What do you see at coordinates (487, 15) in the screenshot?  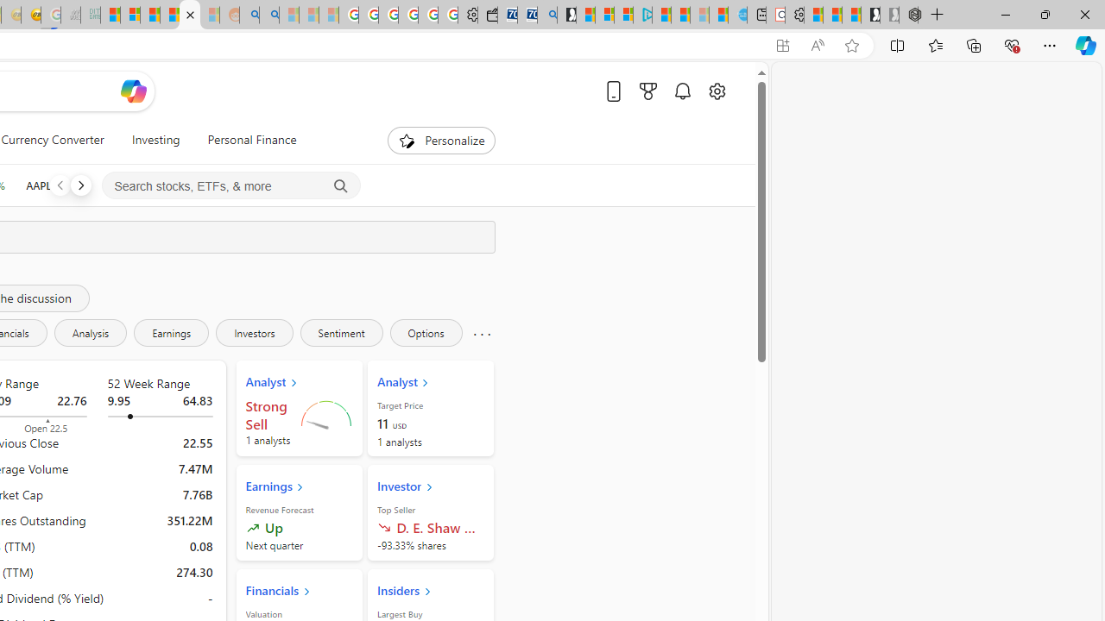 I see `'Wallet'` at bounding box center [487, 15].